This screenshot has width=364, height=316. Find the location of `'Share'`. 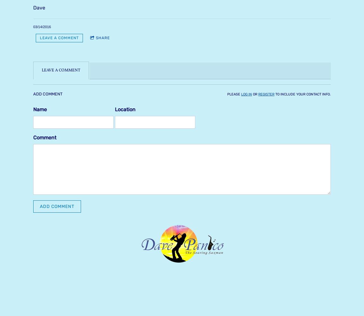

'Share' is located at coordinates (96, 38).